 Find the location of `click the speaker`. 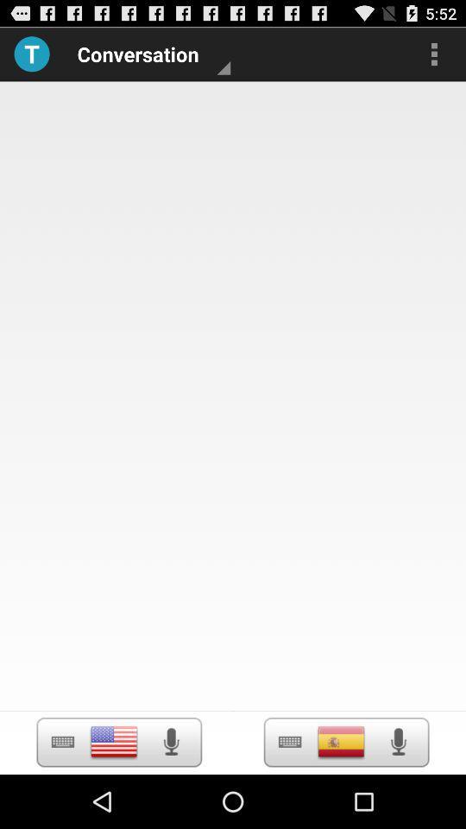

click the speaker is located at coordinates (171, 741).